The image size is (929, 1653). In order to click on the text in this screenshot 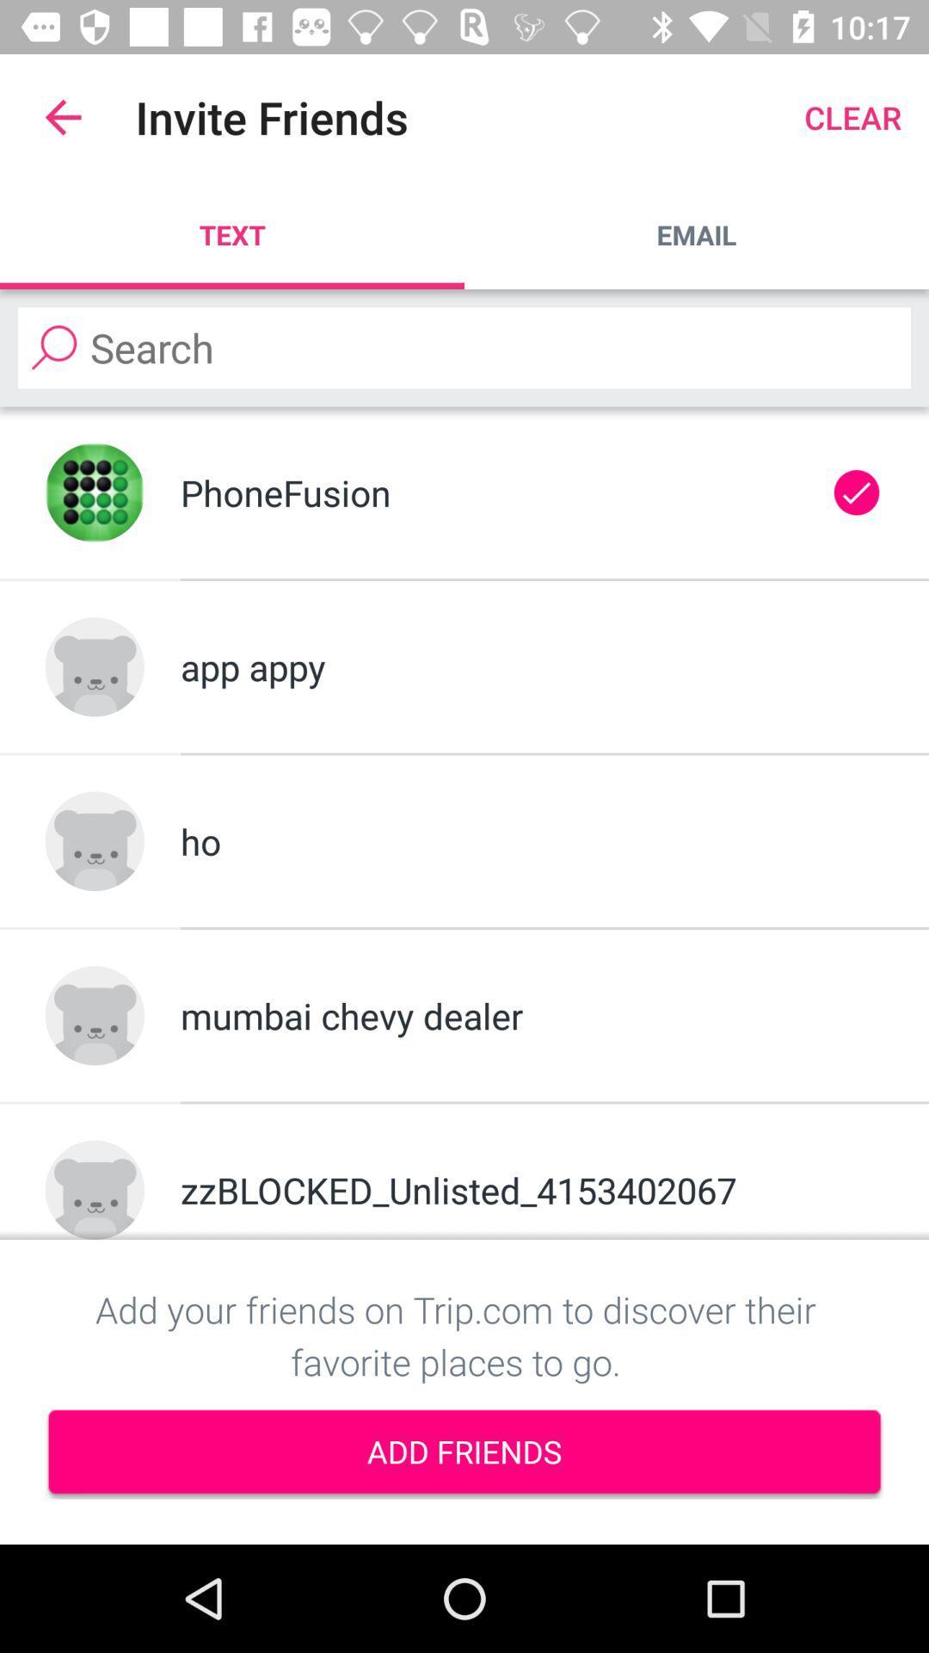, I will do `click(232, 234)`.